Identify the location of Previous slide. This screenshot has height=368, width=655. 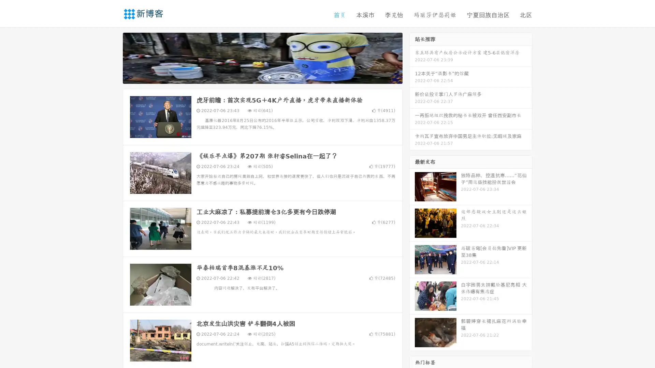
(113, 57).